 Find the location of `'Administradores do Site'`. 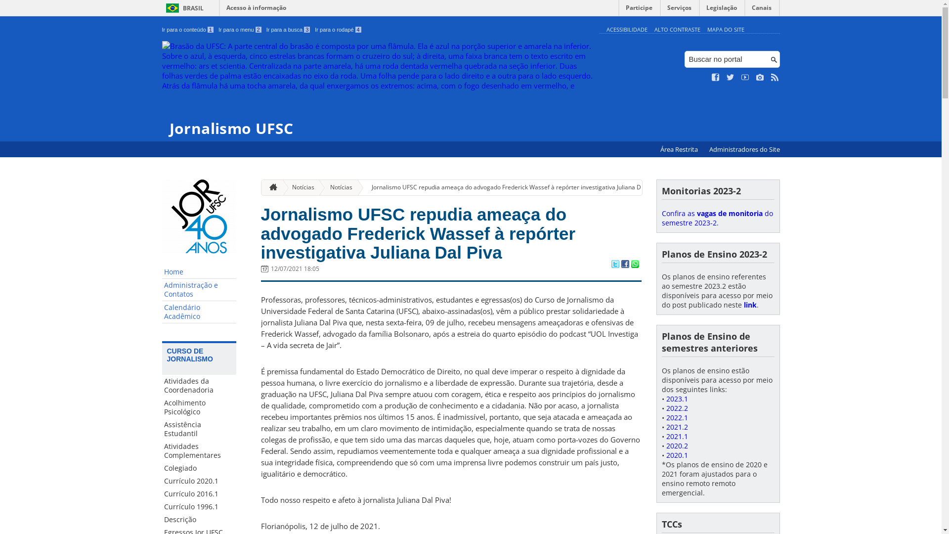

'Administradores do Site' is located at coordinates (744, 149).